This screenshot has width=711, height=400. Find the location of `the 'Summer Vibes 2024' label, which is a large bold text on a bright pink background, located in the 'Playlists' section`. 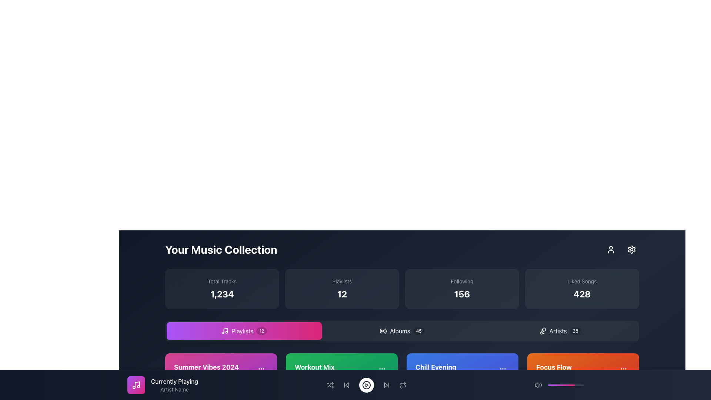

the 'Summer Vibes 2024' label, which is a large bold text on a bright pink background, located in the 'Playlists' section is located at coordinates (206, 367).